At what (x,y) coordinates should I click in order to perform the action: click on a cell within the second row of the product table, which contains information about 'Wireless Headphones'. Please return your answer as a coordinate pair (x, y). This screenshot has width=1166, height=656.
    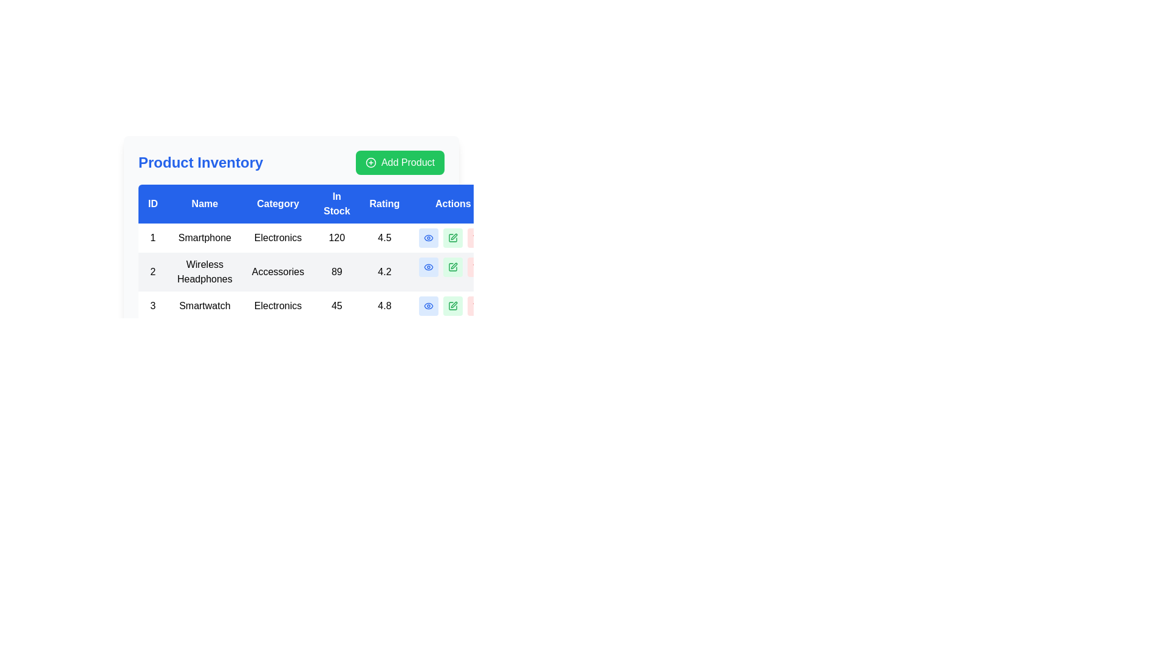
    Looking at the image, I should click on (318, 271).